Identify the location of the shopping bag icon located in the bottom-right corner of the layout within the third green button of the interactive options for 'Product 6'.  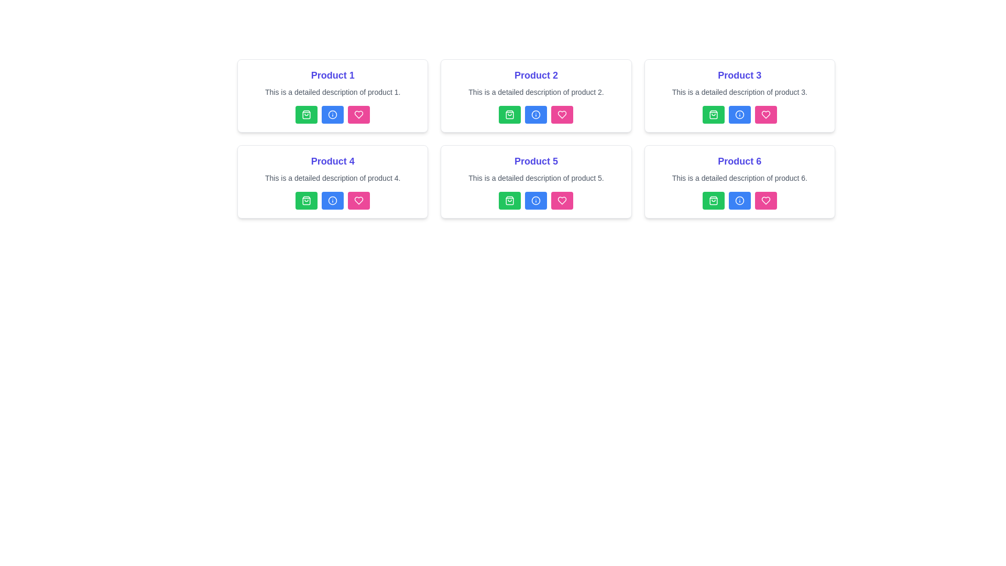
(713, 200).